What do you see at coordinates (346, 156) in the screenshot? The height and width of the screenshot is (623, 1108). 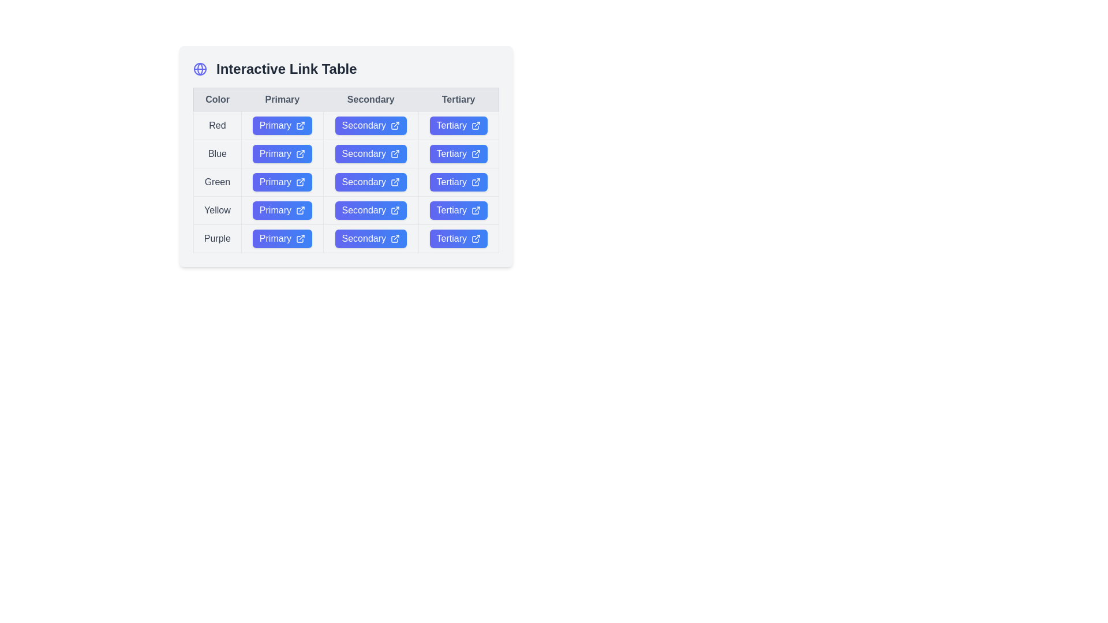 I see `the 'Secondary' button in the Blue row of the grid layout` at bounding box center [346, 156].